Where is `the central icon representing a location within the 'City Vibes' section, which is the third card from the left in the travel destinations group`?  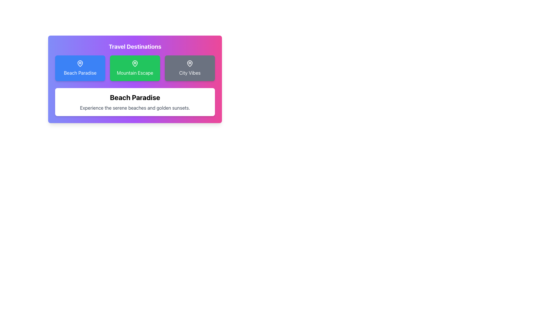 the central icon representing a location within the 'City Vibes' section, which is the third card from the left in the travel destinations group is located at coordinates (190, 64).